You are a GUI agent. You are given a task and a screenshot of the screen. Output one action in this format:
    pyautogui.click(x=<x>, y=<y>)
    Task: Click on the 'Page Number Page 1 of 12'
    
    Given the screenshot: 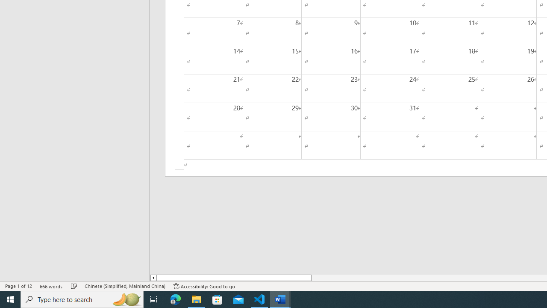 What is the action you would take?
    pyautogui.click(x=18, y=286)
    